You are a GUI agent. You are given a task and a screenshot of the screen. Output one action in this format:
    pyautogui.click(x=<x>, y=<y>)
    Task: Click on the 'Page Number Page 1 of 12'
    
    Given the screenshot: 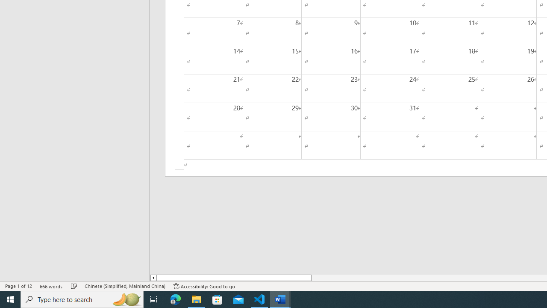 What is the action you would take?
    pyautogui.click(x=18, y=286)
    